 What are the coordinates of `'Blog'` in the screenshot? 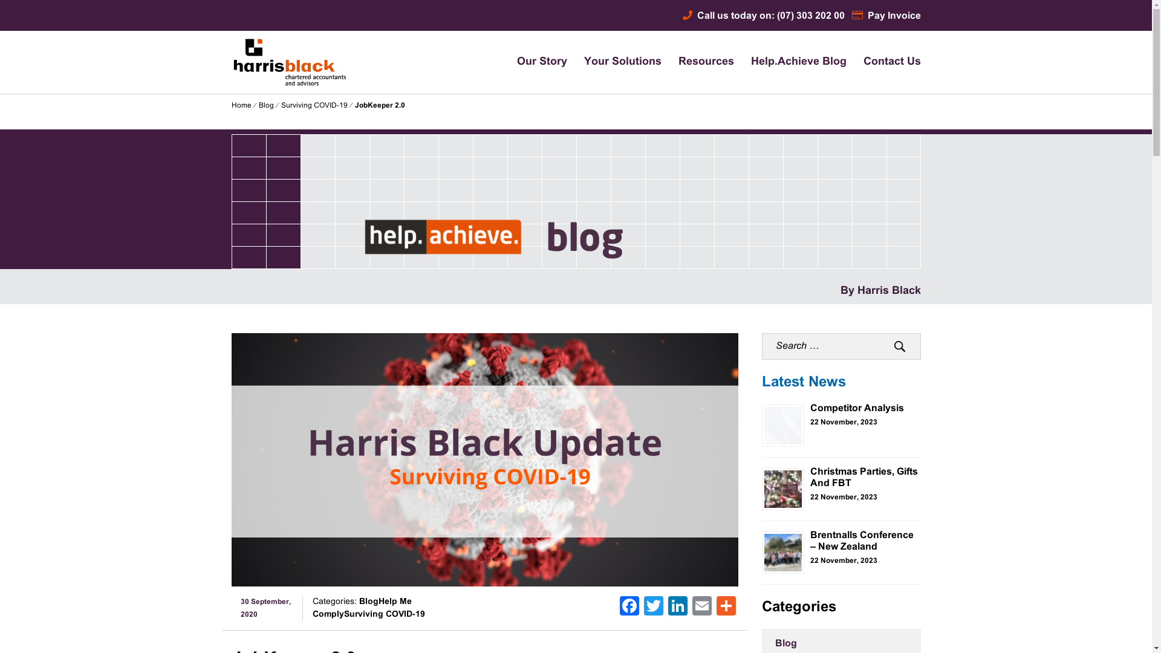 It's located at (265, 105).